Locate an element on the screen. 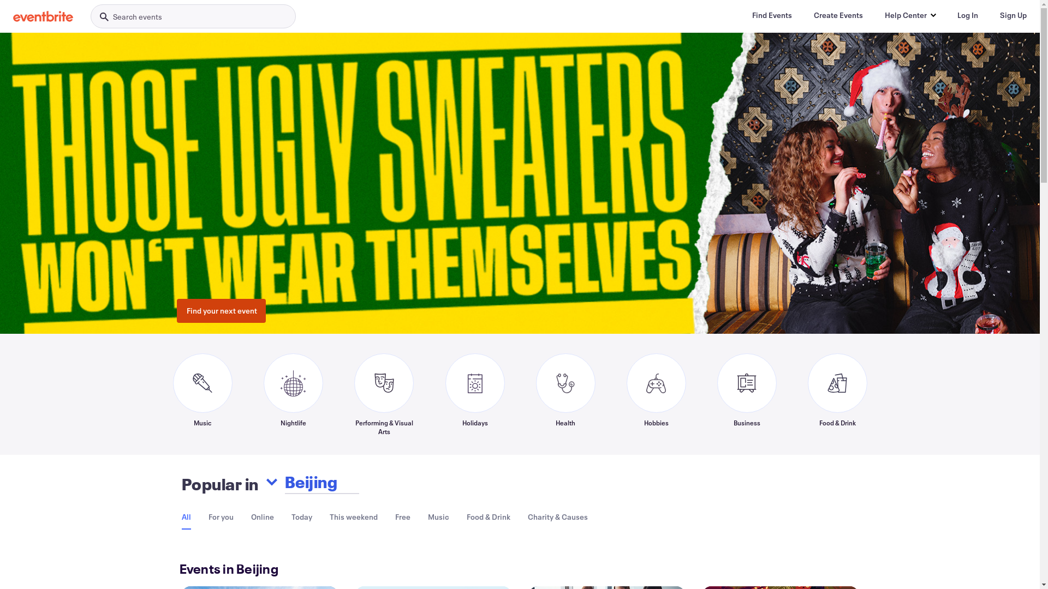 This screenshot has width=1048, height=589. 'Log In' is located at coordinates (967, 15).